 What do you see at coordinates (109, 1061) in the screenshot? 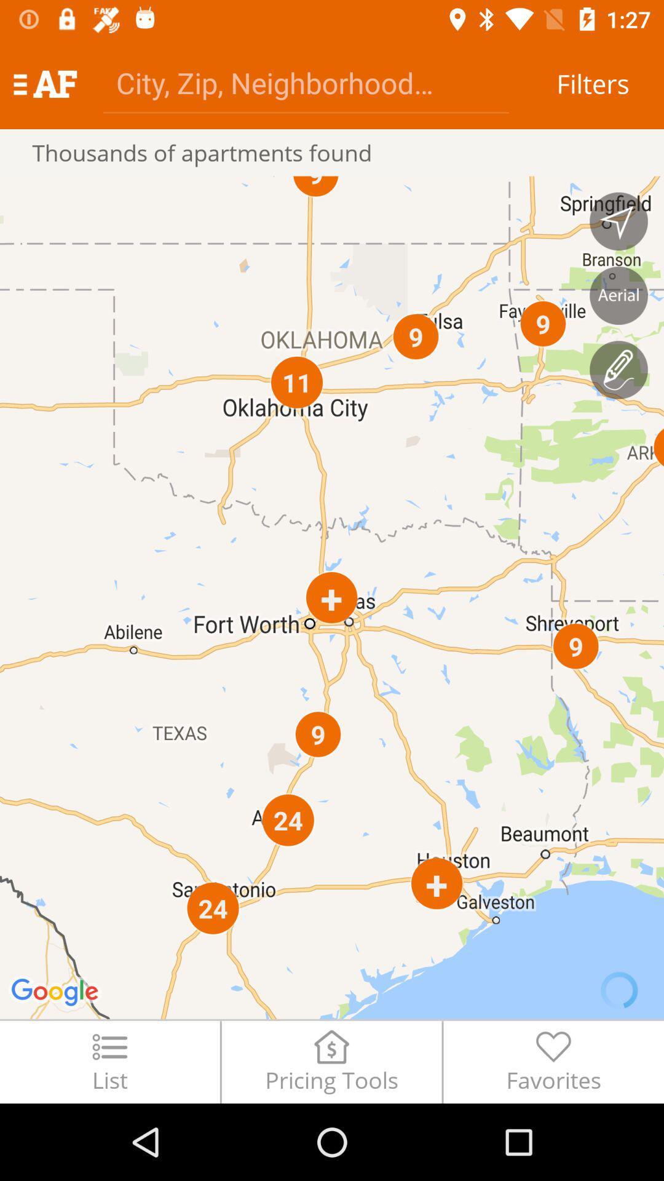
I see `the list icon` at bounding box center [109, 1061].